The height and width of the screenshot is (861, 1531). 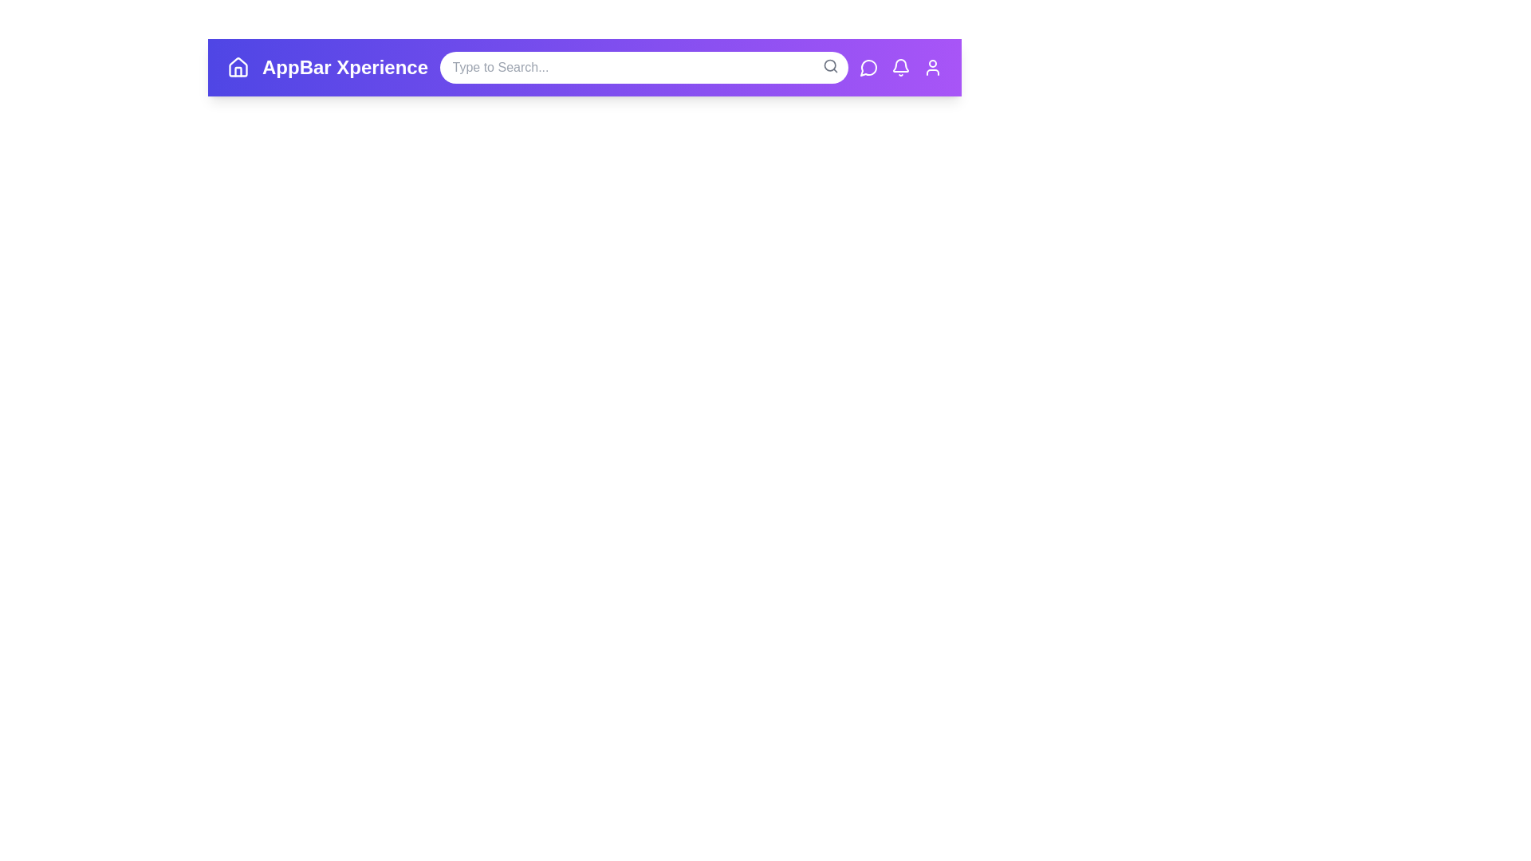 What do you see at coordinates (643, 66) in the screenshot?
I see `the search input field to focus on it` at bounding box center [643, 66].